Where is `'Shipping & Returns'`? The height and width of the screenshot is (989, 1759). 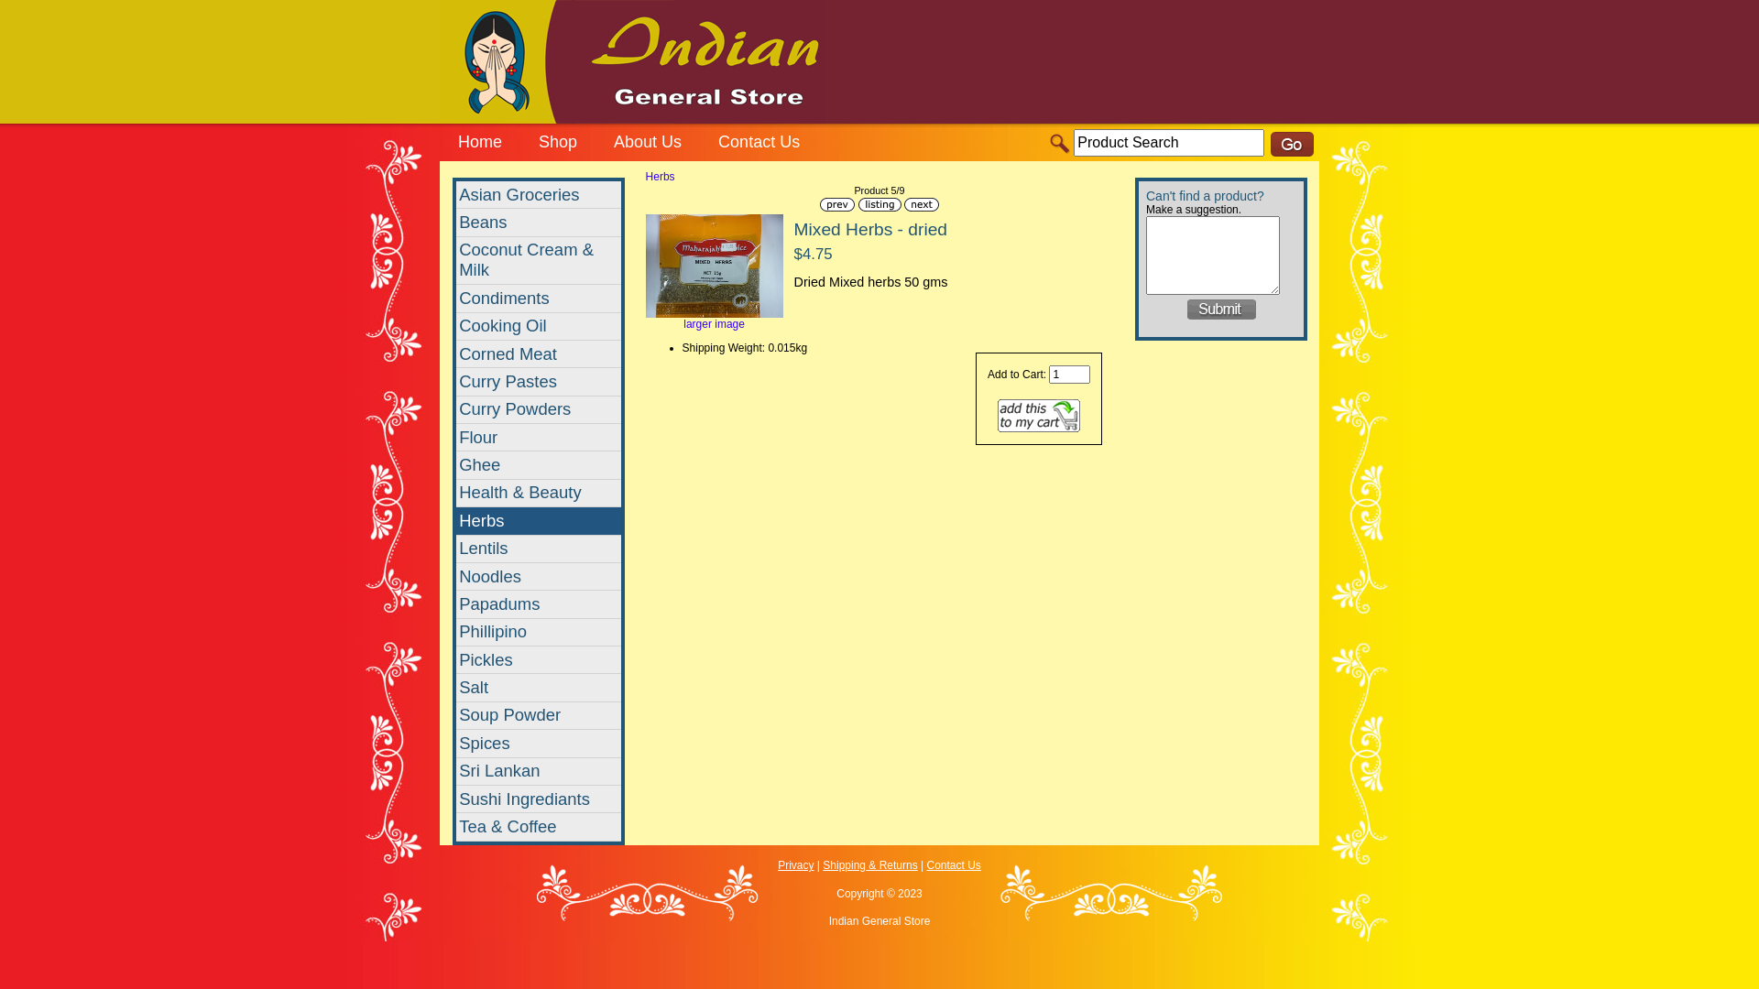
'Shipping & Returns' is located at coordinates (869, 865).